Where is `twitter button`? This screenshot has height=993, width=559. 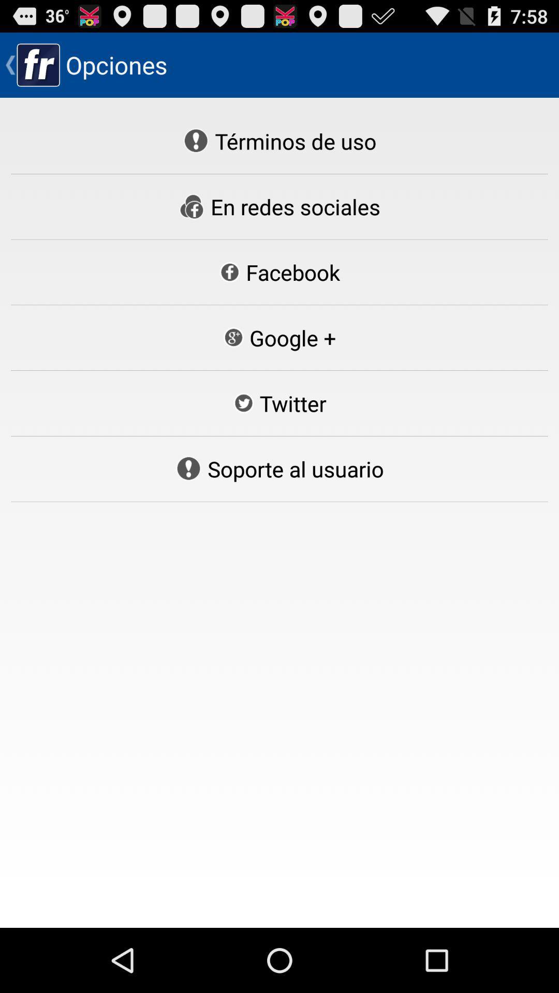 twitter button is located at coordinates (279, 402).